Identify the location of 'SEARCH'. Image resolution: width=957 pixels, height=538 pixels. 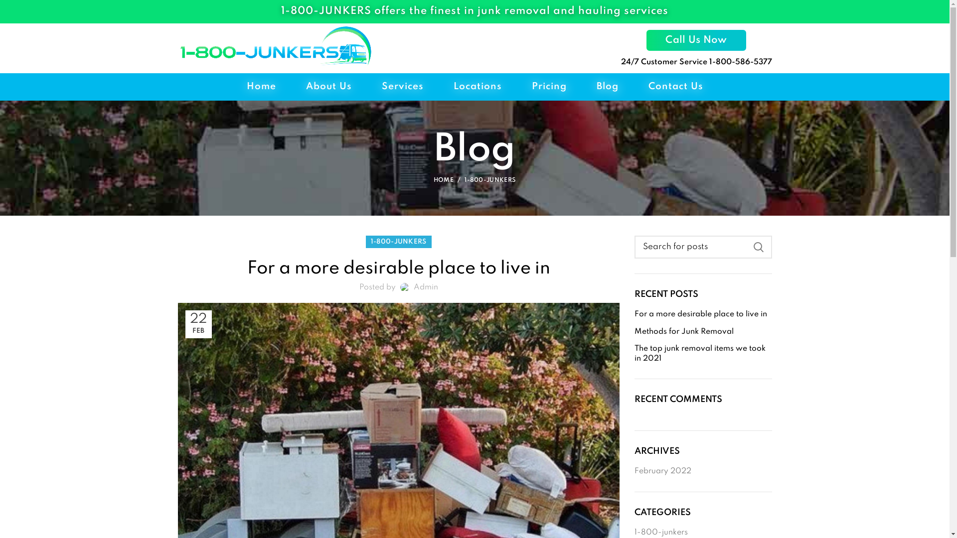
(758, 247).